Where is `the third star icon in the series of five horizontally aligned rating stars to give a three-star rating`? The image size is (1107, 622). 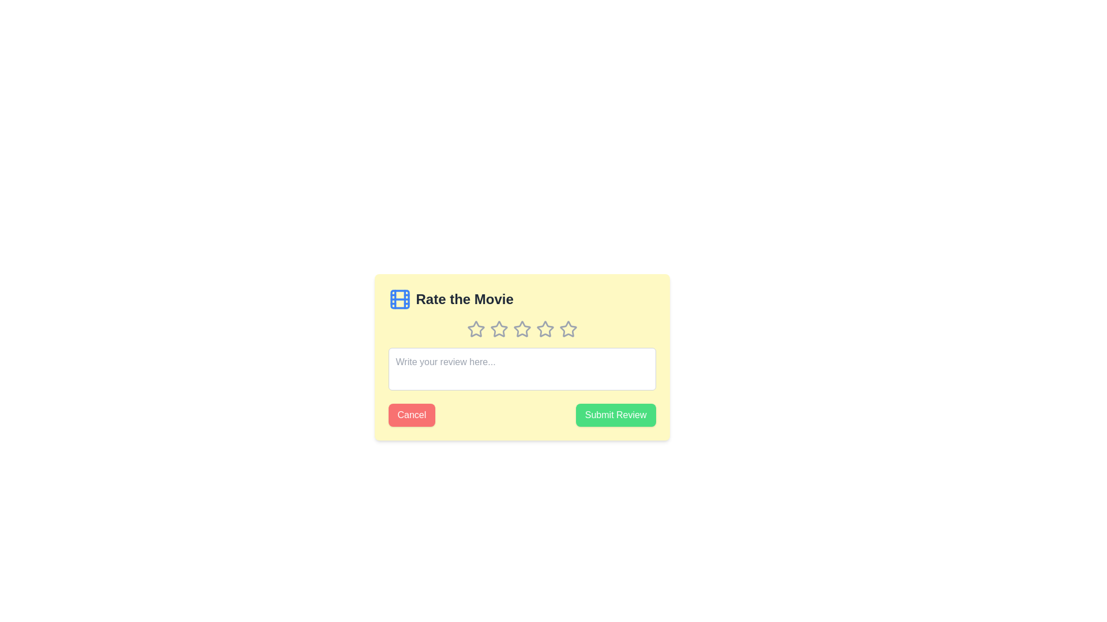 the third star icon in the series of five horizontally aligned rating stars to give a three-star rating is located at coordinates (544, 329).